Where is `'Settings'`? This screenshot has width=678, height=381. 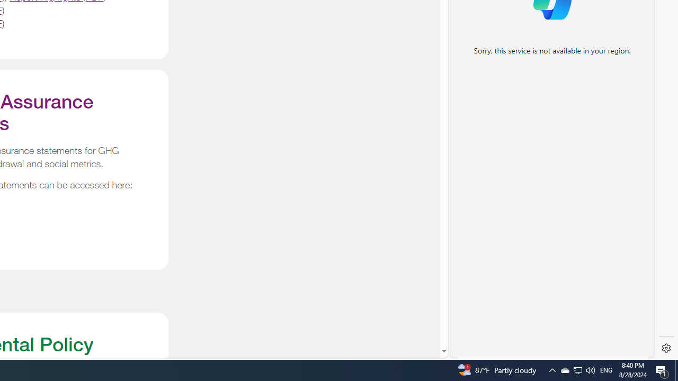 'Settings' is located at coordinates (666, 348).